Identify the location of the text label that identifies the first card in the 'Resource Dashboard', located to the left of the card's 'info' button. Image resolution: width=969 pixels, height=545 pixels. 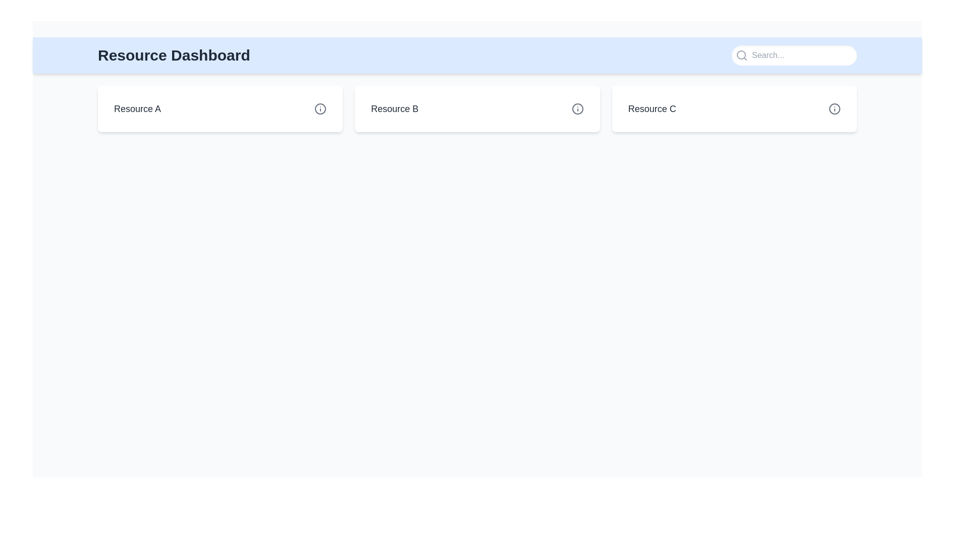
(137, 109).